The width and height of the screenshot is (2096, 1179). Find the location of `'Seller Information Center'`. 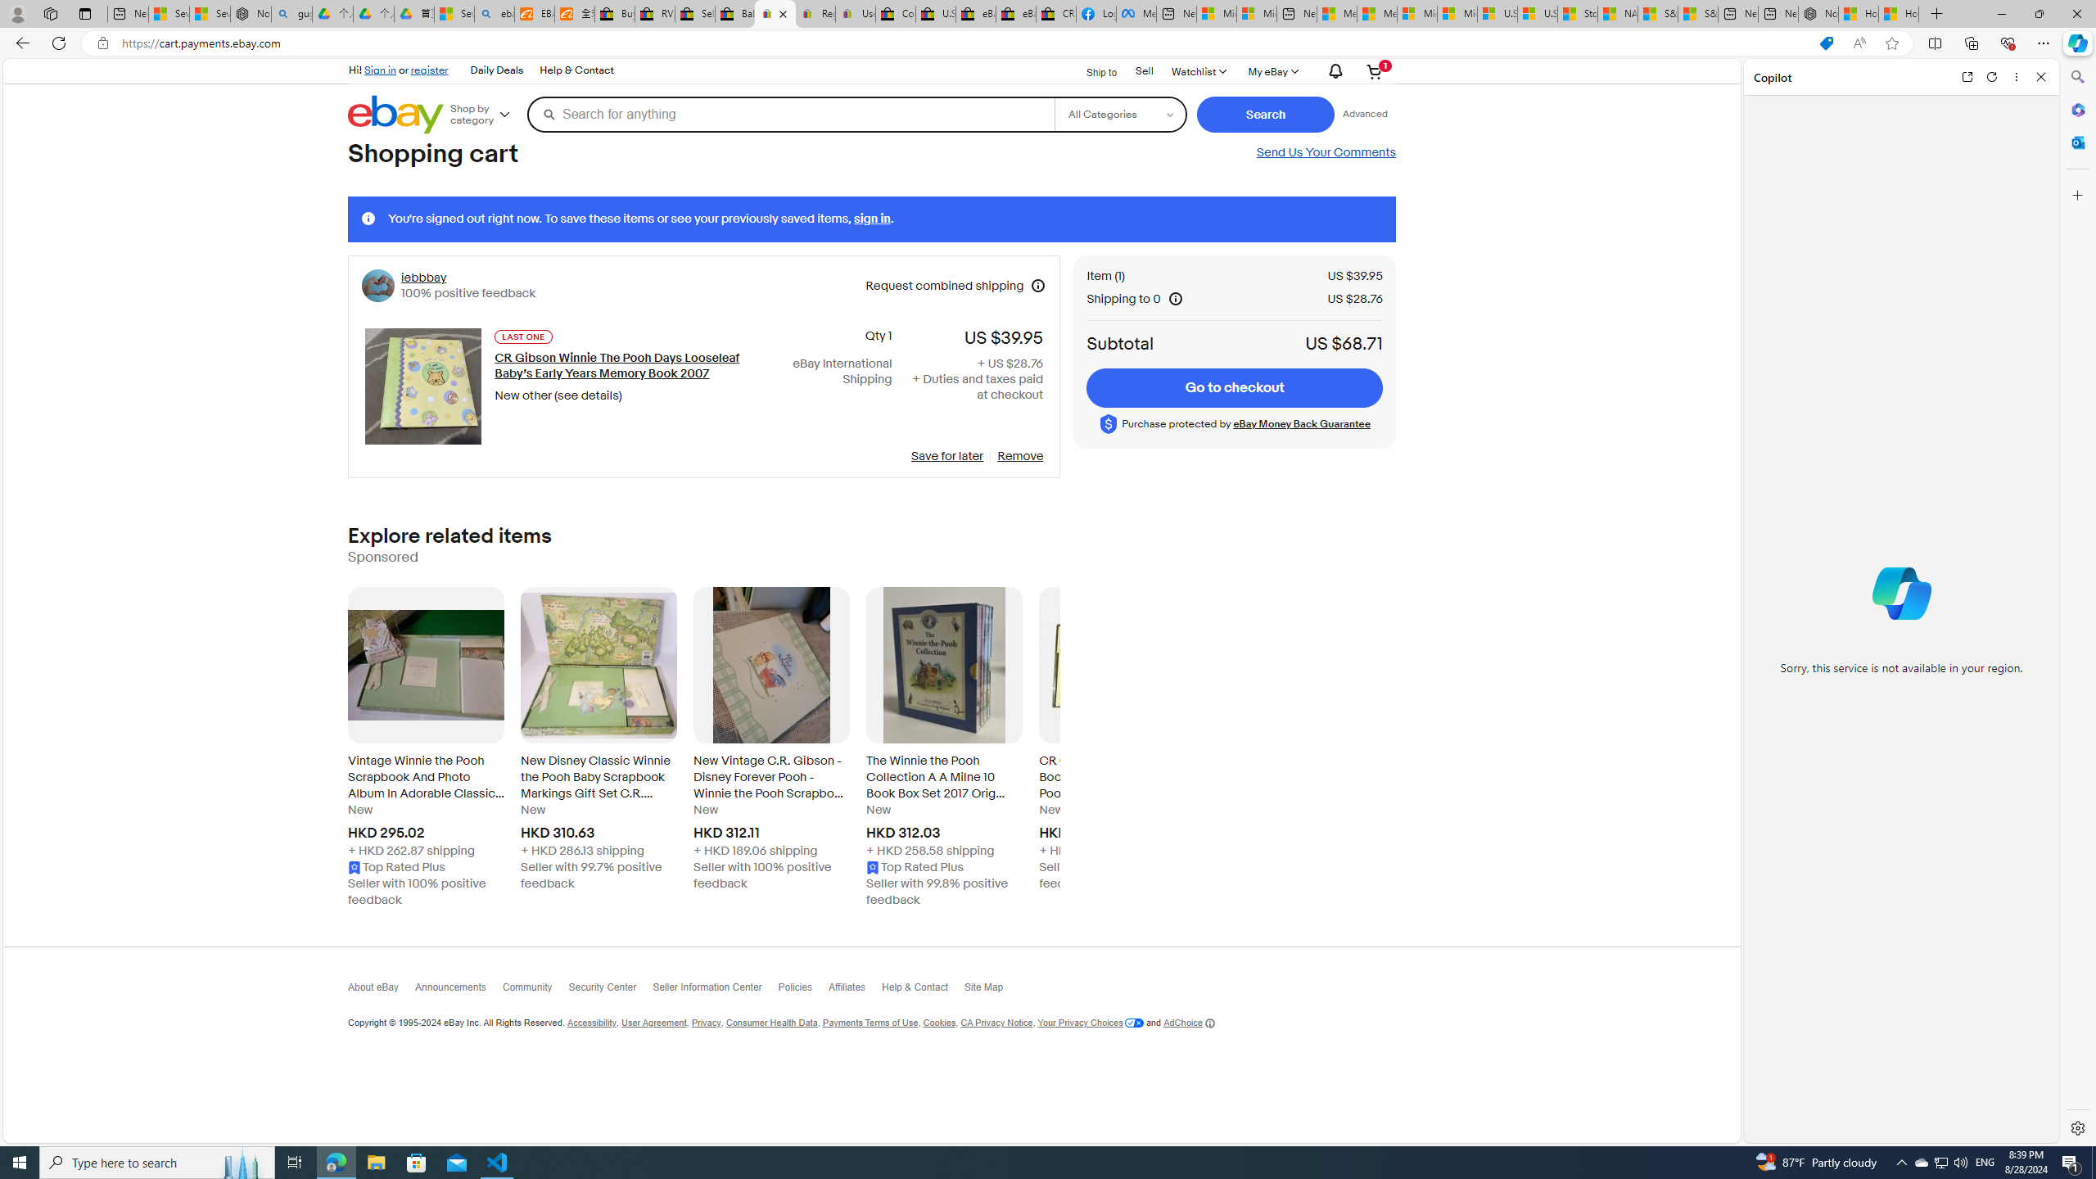

'Seller Information Center' is located at coordinates (714, 991).